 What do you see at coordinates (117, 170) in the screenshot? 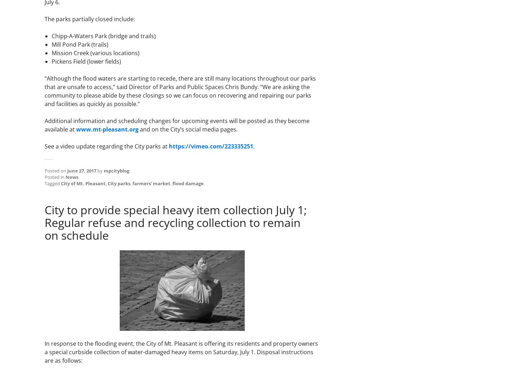
I see `'mpcityblog'` at bounding box center [117, 170].